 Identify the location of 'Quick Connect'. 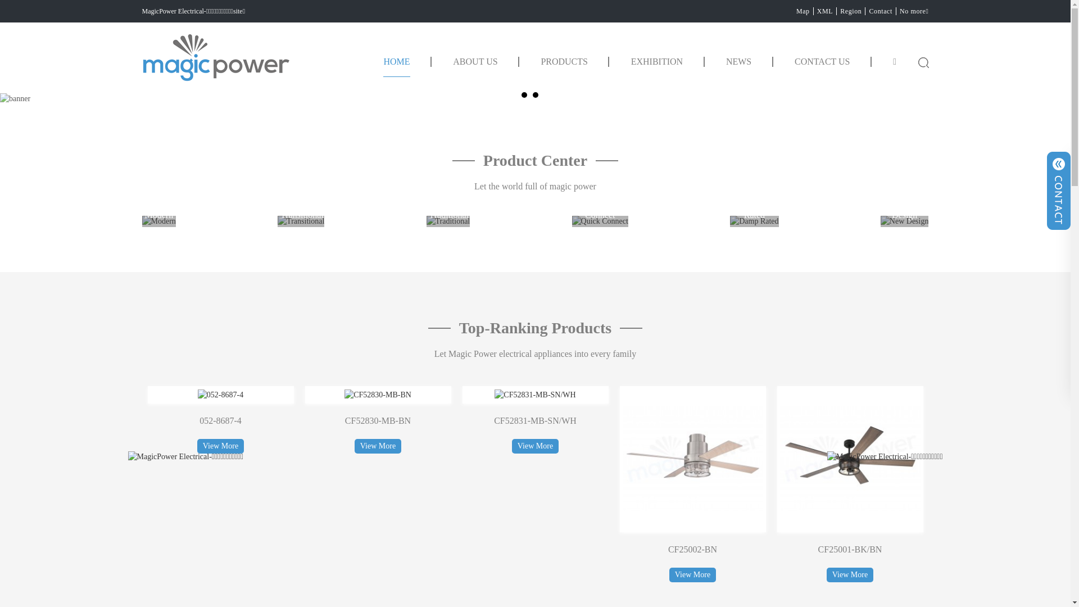
(599, 221).